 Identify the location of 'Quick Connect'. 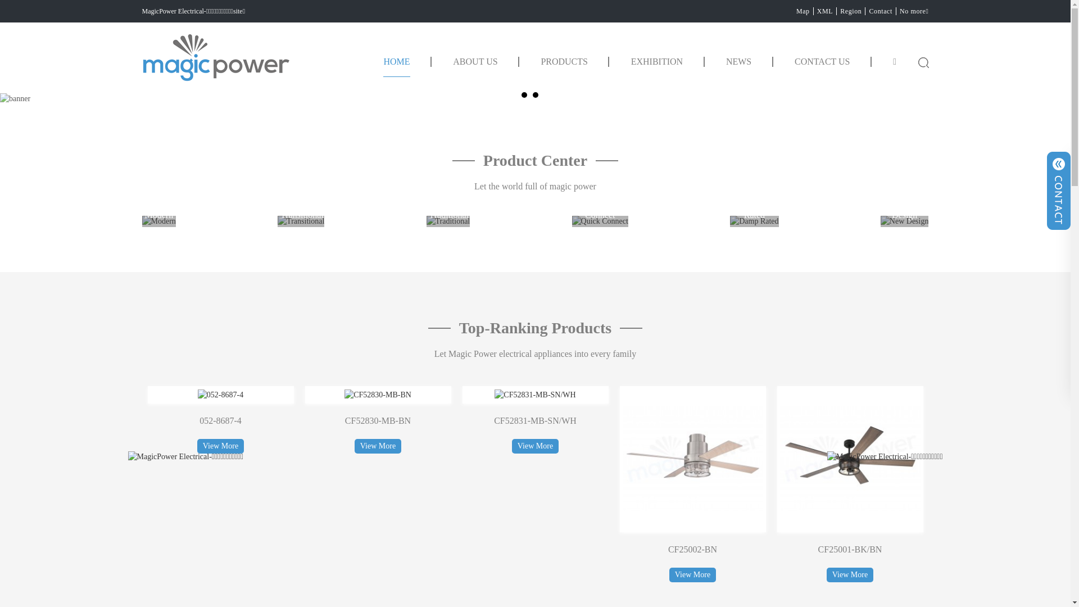
(599, 221).